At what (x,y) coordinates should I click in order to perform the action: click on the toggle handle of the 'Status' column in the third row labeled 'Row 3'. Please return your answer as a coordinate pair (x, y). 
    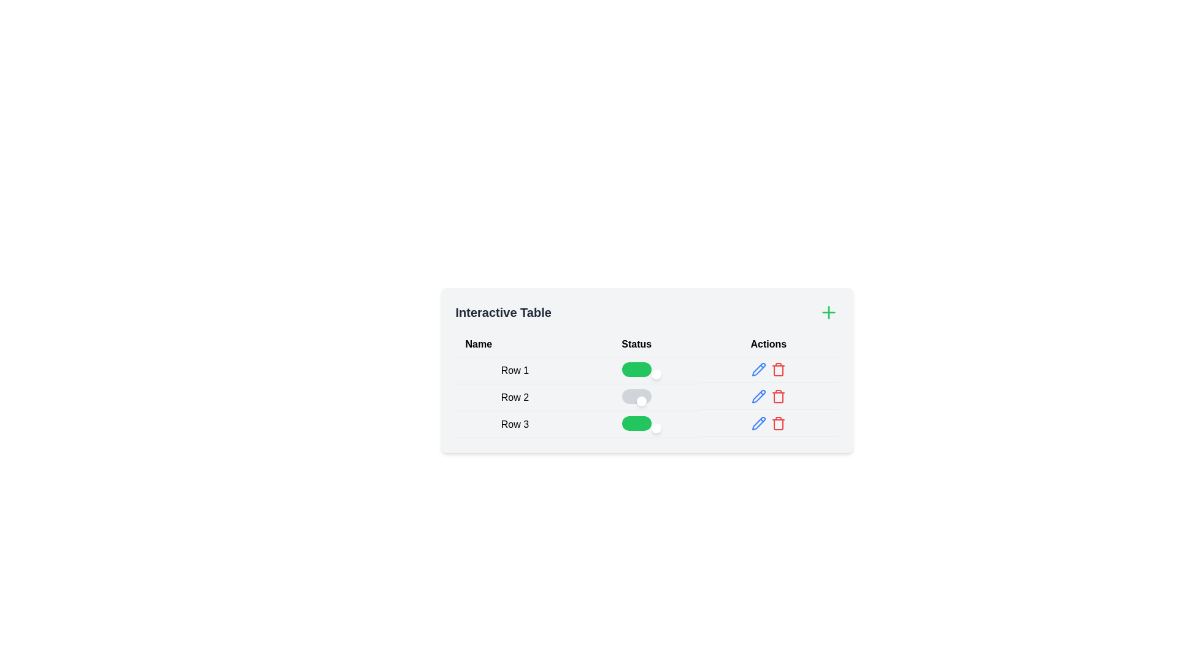
    Looking at the image, I should click on (655, 427).